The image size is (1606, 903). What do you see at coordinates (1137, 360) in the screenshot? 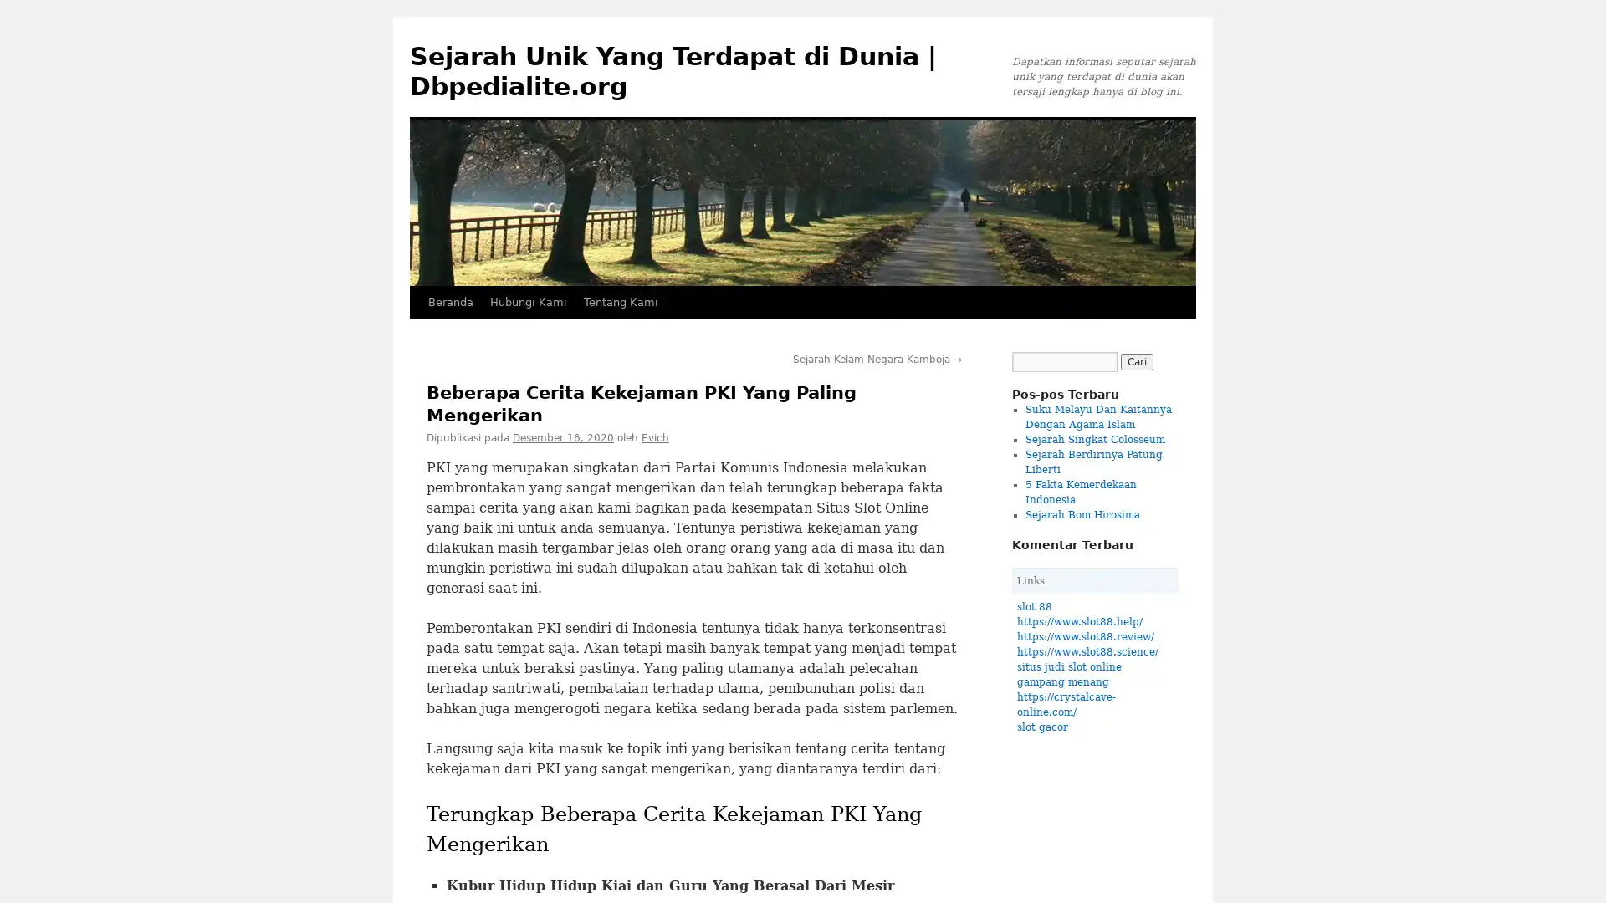
I see `Cari` at bounding box center [1137, 360].